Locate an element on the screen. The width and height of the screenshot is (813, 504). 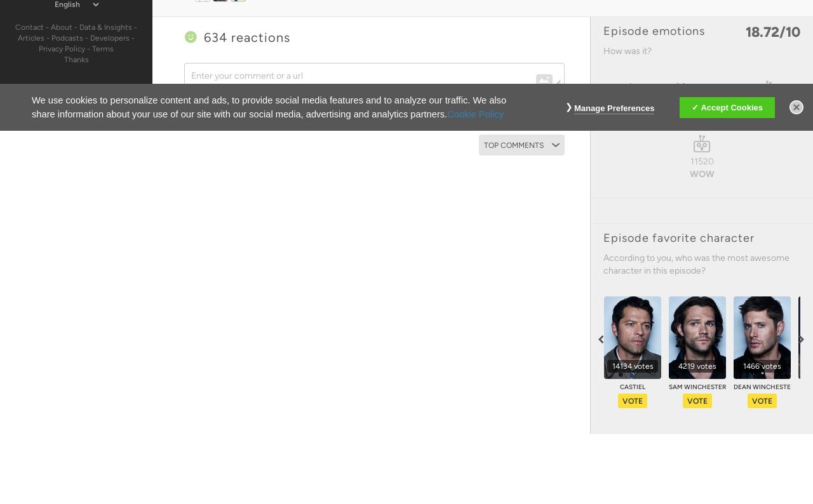
'10' is located at coordinates (784, 32).